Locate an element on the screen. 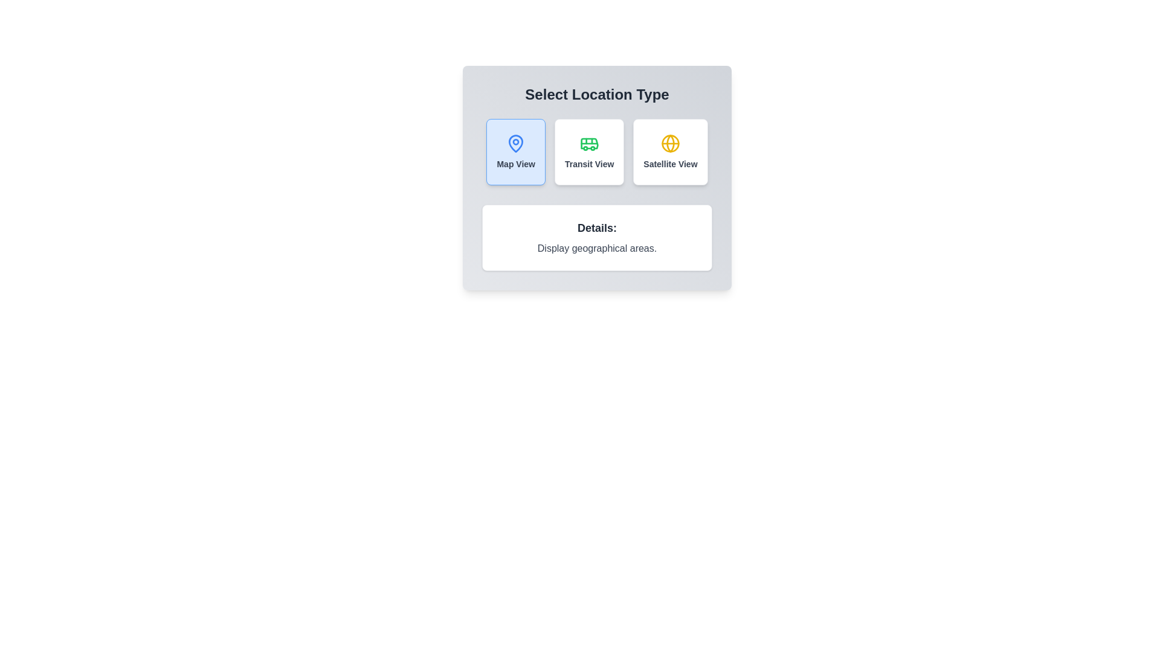 This screenshot has height=652, width=1160. the 'Map View' selection icon, which is located in the first of three horizontally aligned sections under the title 'Select Location Type' is located at coordinates (516, 143).